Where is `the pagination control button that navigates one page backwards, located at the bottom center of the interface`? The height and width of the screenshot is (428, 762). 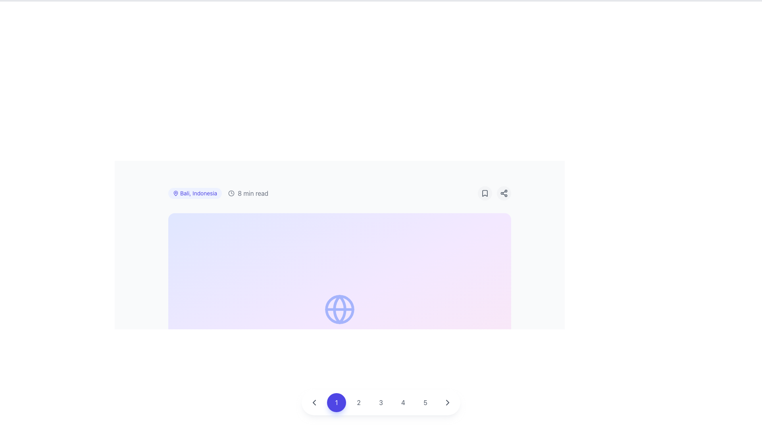
the pagination control button that navigates one page backwards, located at the bottom center of the interface is located at coordinates (314, 402).